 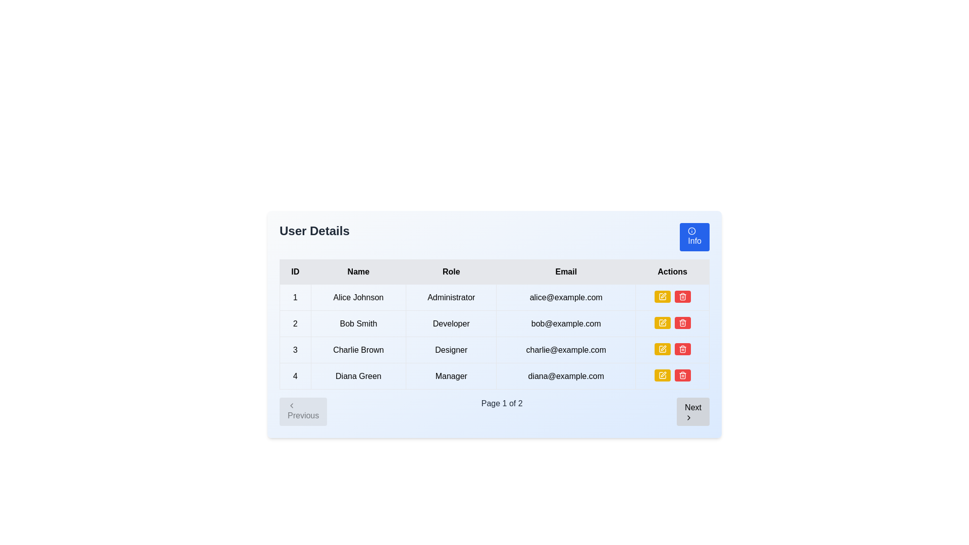 I want to click on the static text label displaying 'Page 1 of 2' in the footer section of the data table interface, positioned centrally between the 'Previous' and 'Next' buttons, so click(x=502, y=412).